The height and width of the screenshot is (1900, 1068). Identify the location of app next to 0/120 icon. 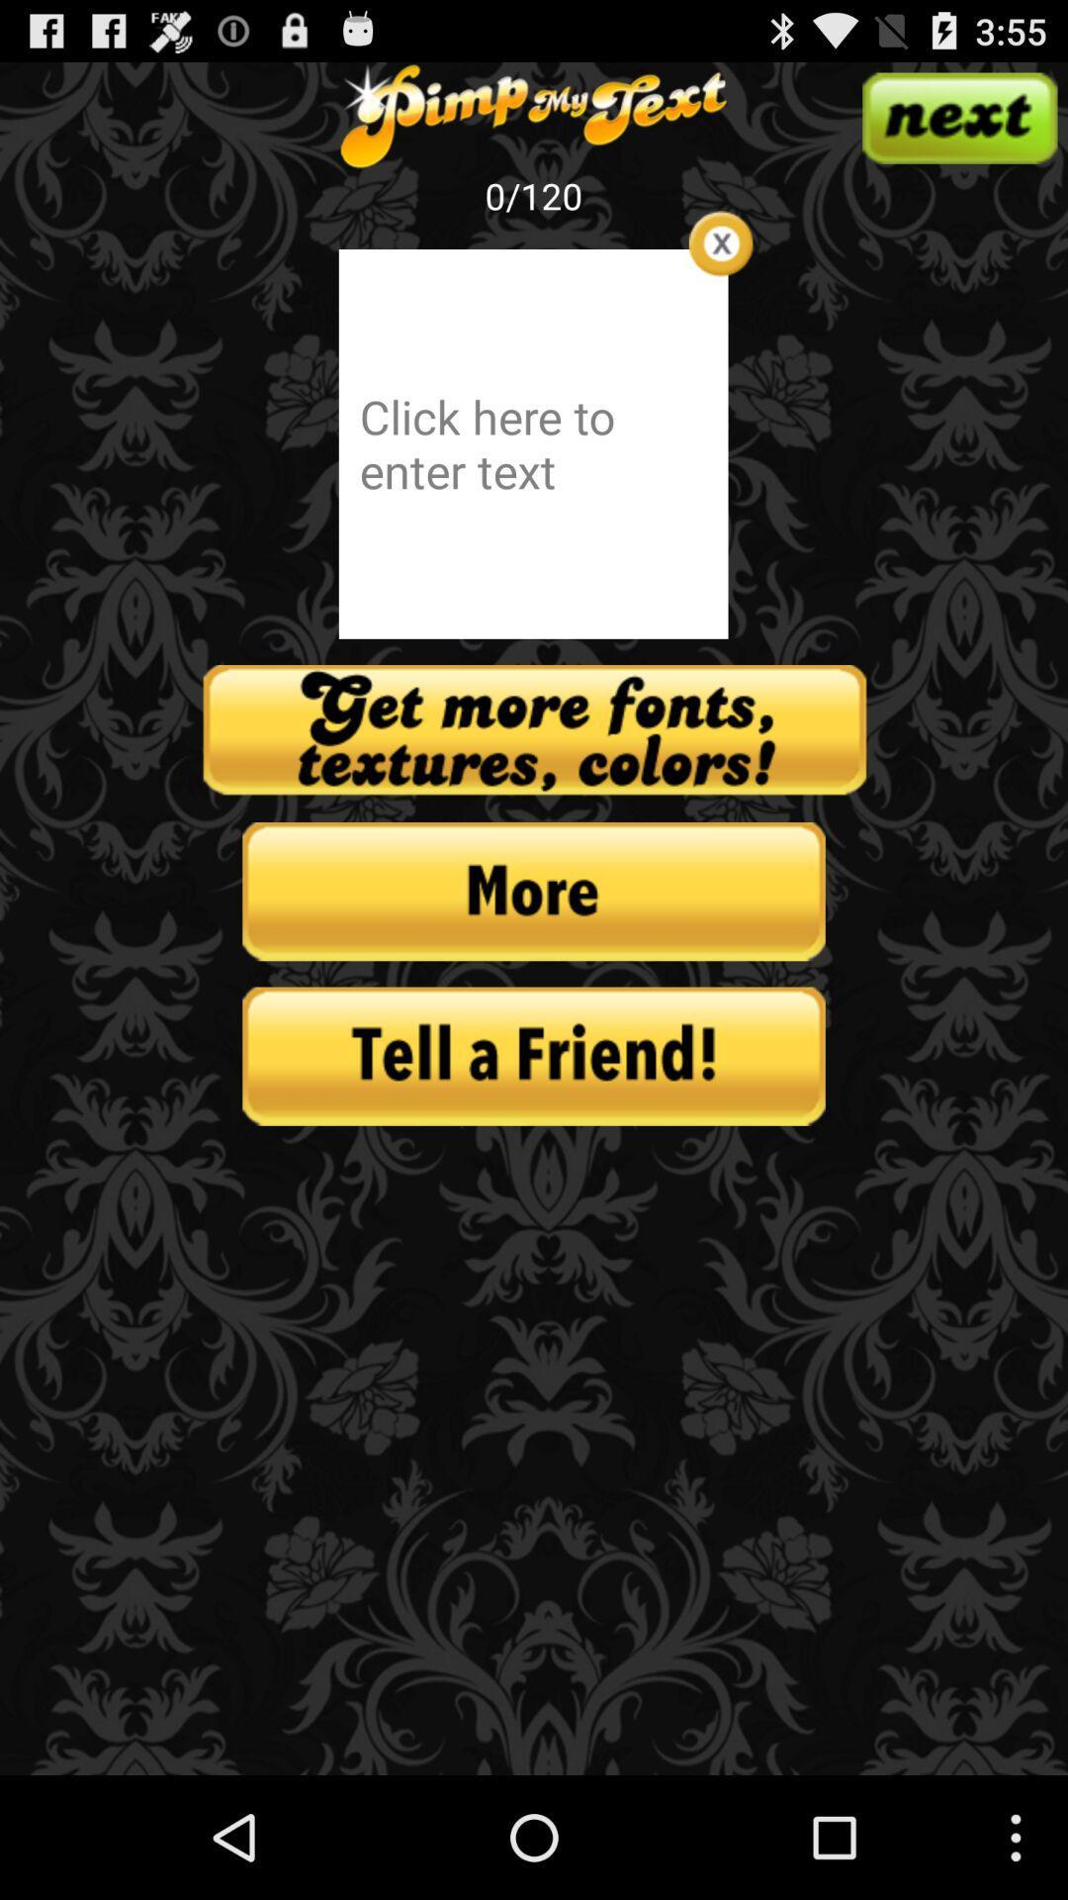
(721, 242).